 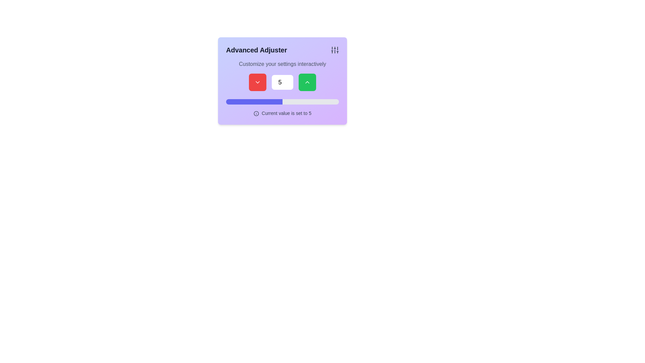 I want to click on the upward-pointing chevron icon inside the green rounded button, which is the graphical indicator of this button among three horizontally aligned buttons in a settings adjustment card, so click(x=307, y=82).